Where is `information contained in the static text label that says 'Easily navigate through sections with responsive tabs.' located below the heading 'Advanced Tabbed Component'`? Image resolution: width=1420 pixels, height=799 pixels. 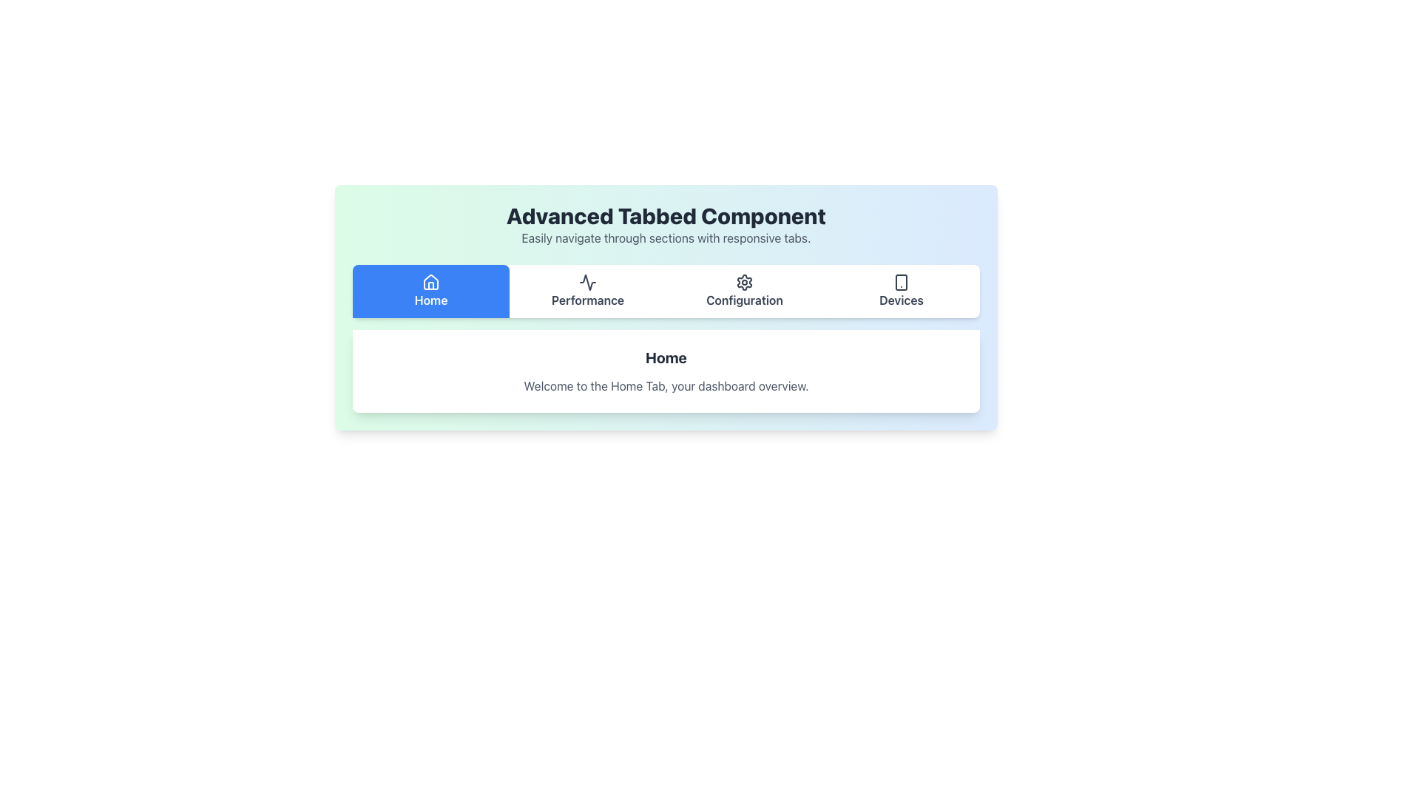 information contained in the static text label that says 'Easily navigate through sections with responsive tabs.' located below the heading 'Advanced Tabbed Component' is located at coordinates (666, 237).